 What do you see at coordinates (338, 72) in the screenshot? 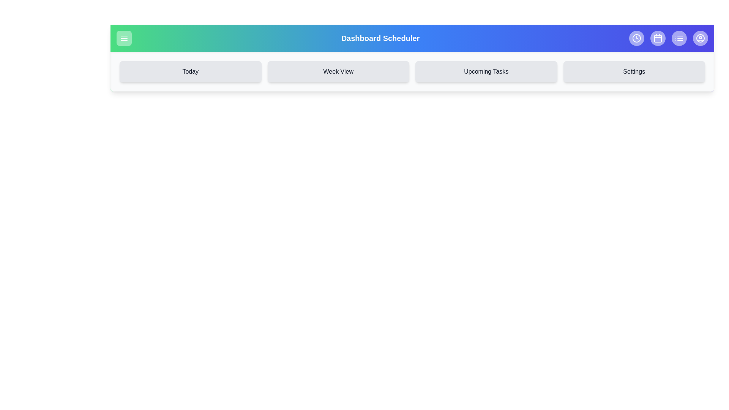
I see `the navigation button labeled Week View` at bounding box center [338, 72].